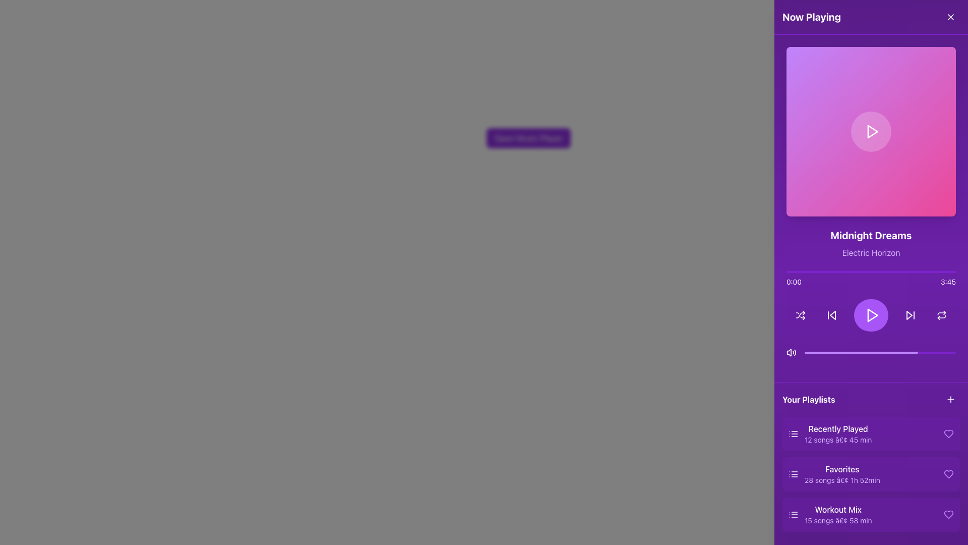 The width and height of the screenshot is (968, 545). What do you see at coordinates (892, 352) in the screenshot?
I see `media playback progress` at bounding box center [892, 352].